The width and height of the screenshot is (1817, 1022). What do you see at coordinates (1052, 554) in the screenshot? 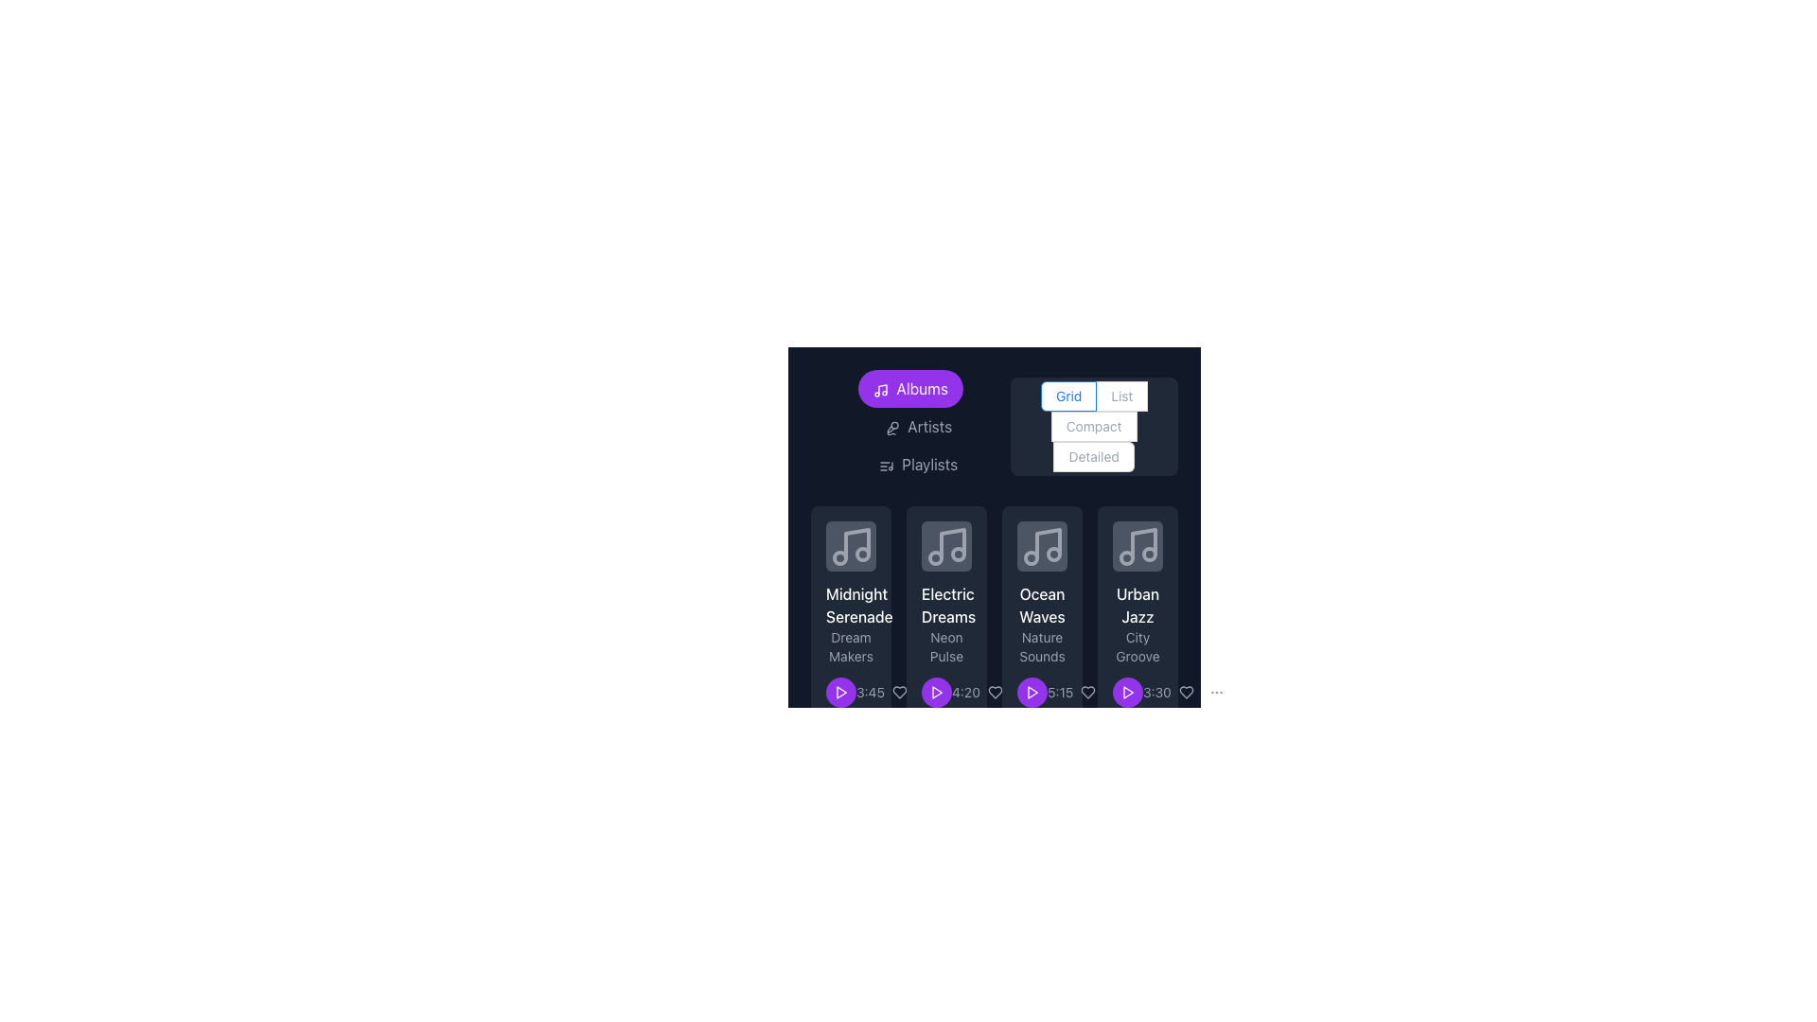
I see `the small circular graphic that is part of the music-themed icon, located towards the bottom-right of the larger music note illustration` at bounding box center [1052, 554].